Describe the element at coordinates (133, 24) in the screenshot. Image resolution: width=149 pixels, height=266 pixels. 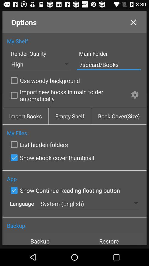
I see `the close icon` at that location.